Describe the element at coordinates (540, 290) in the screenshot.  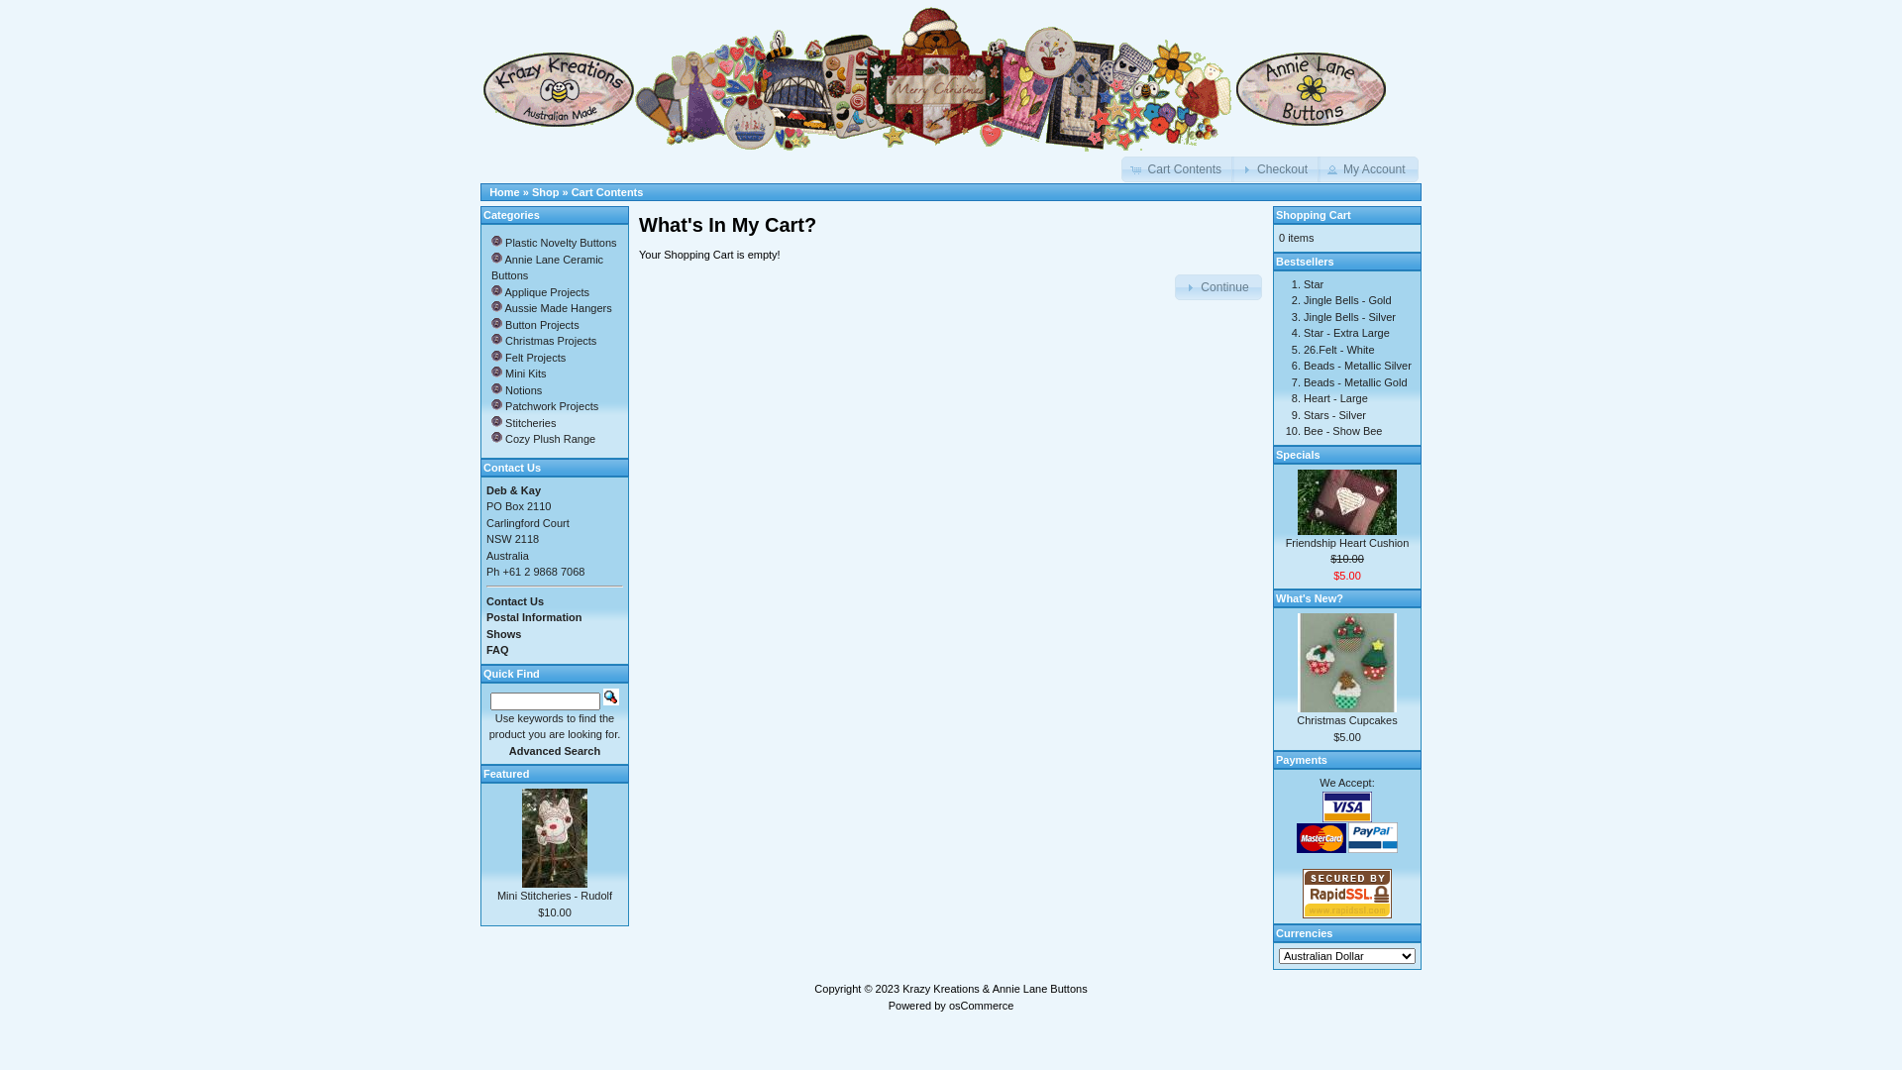
I see `' Applique Projects'` at that location.